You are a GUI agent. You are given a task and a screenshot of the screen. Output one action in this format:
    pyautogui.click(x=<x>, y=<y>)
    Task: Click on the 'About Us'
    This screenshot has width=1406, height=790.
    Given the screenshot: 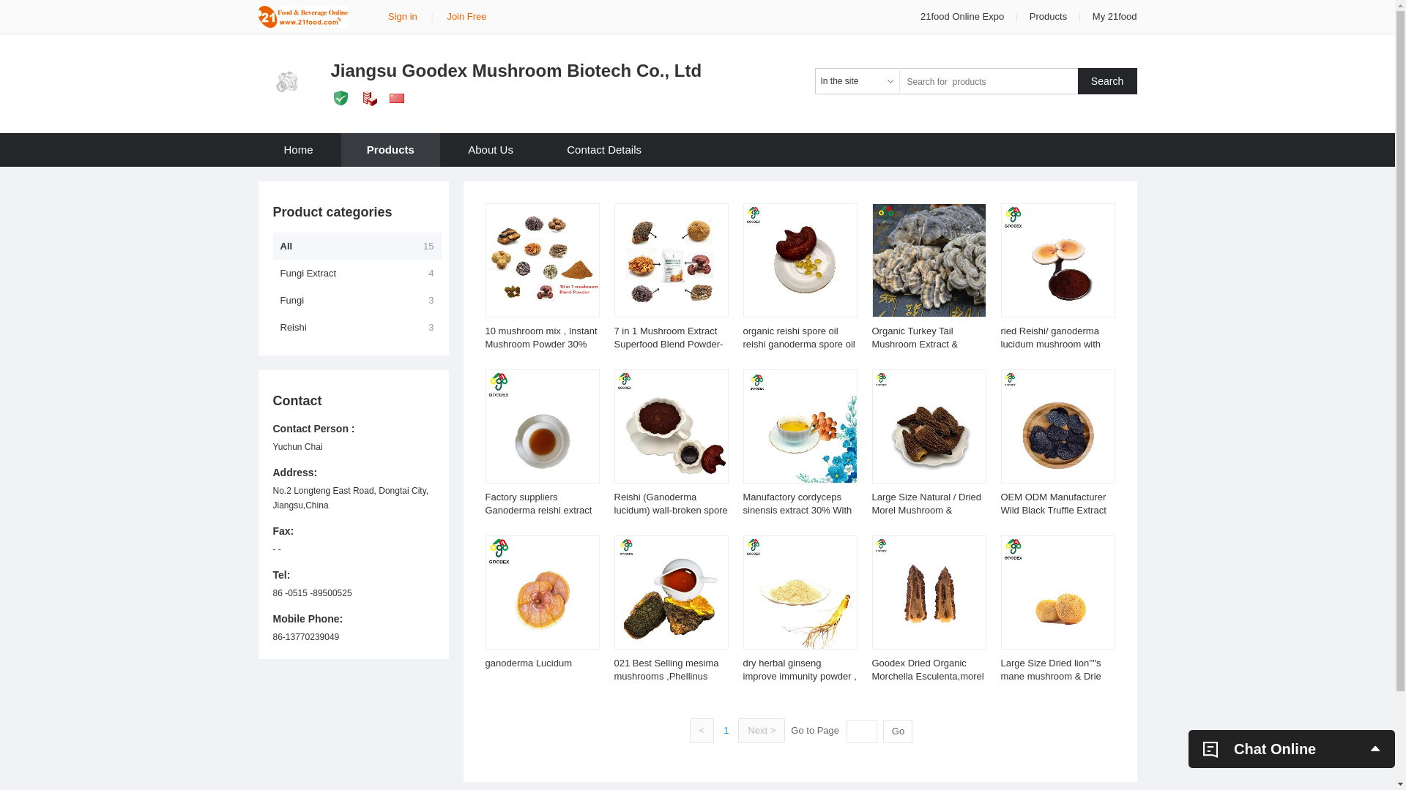 What is the action you would take?
    pyautogui.click(x=442, y=149)
    